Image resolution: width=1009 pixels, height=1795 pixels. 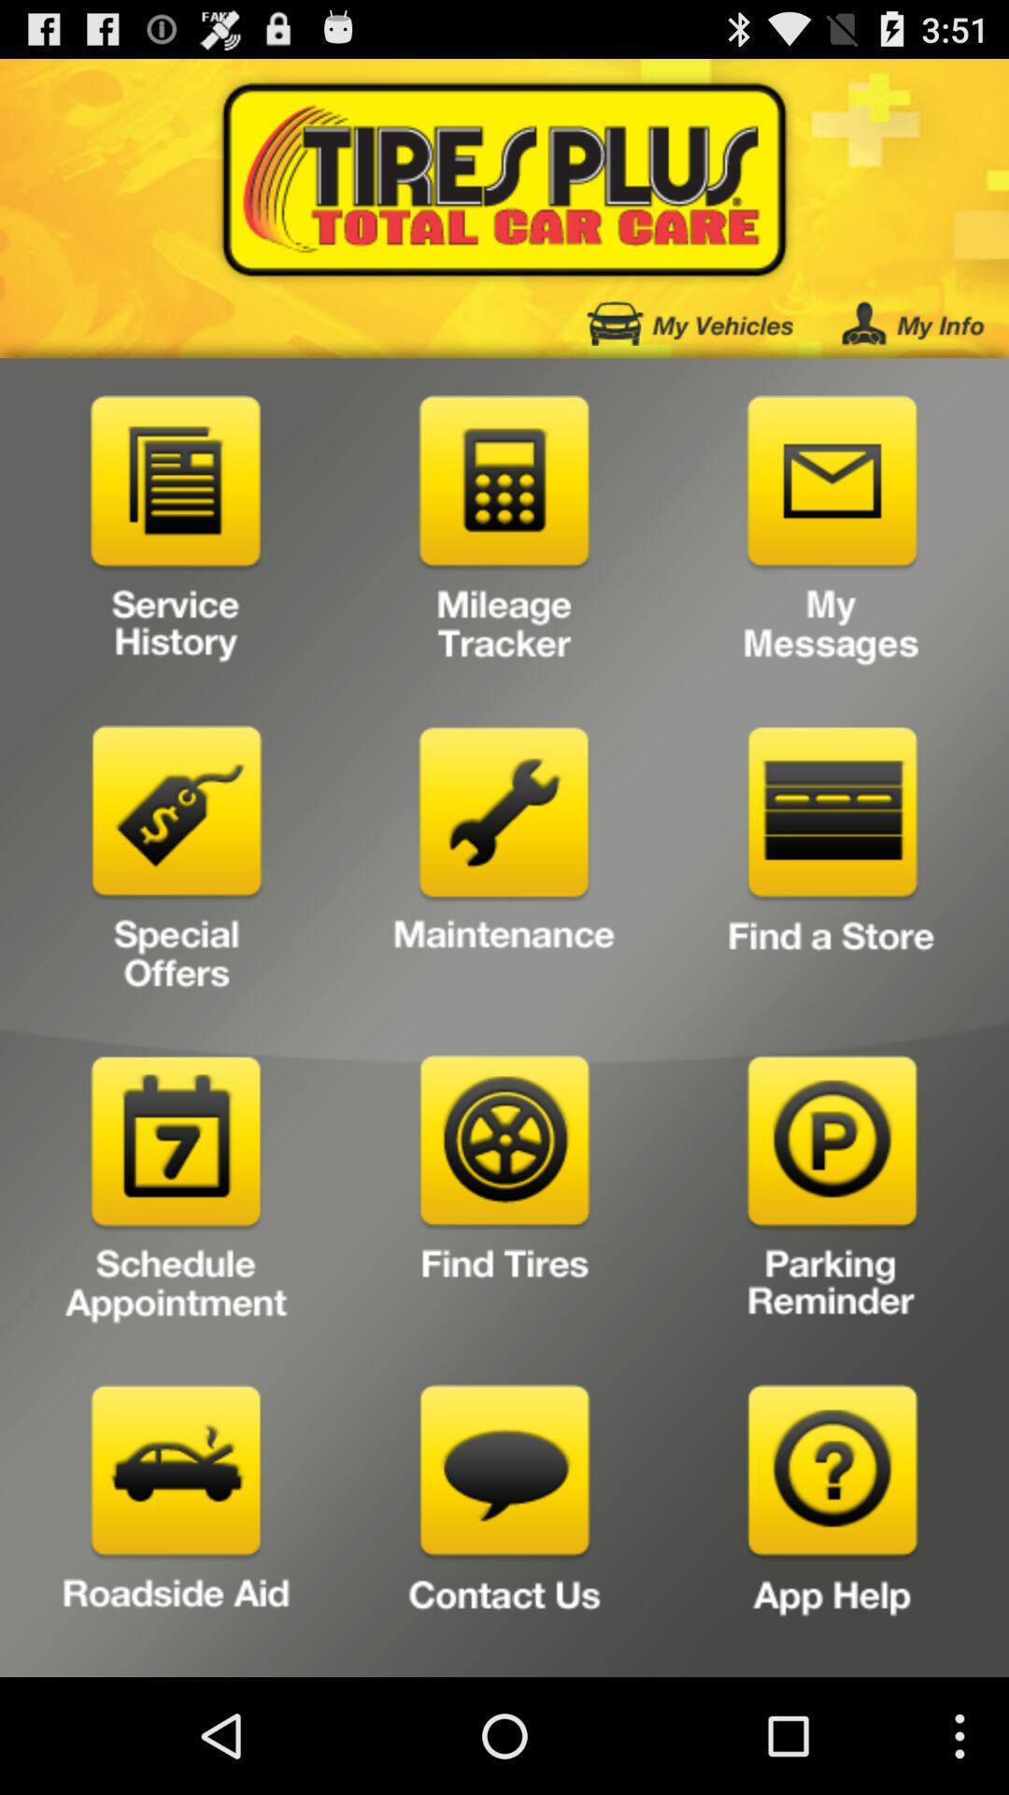 I want to click on read messages, so click(x=831, y=534).